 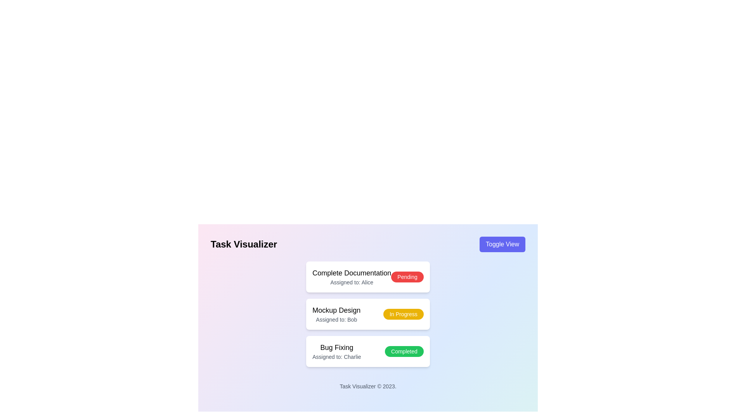 I want to click on the Status badge indicating 'In Progress' next to the task titled 'Mockup Design', so click(x=403, y=314).